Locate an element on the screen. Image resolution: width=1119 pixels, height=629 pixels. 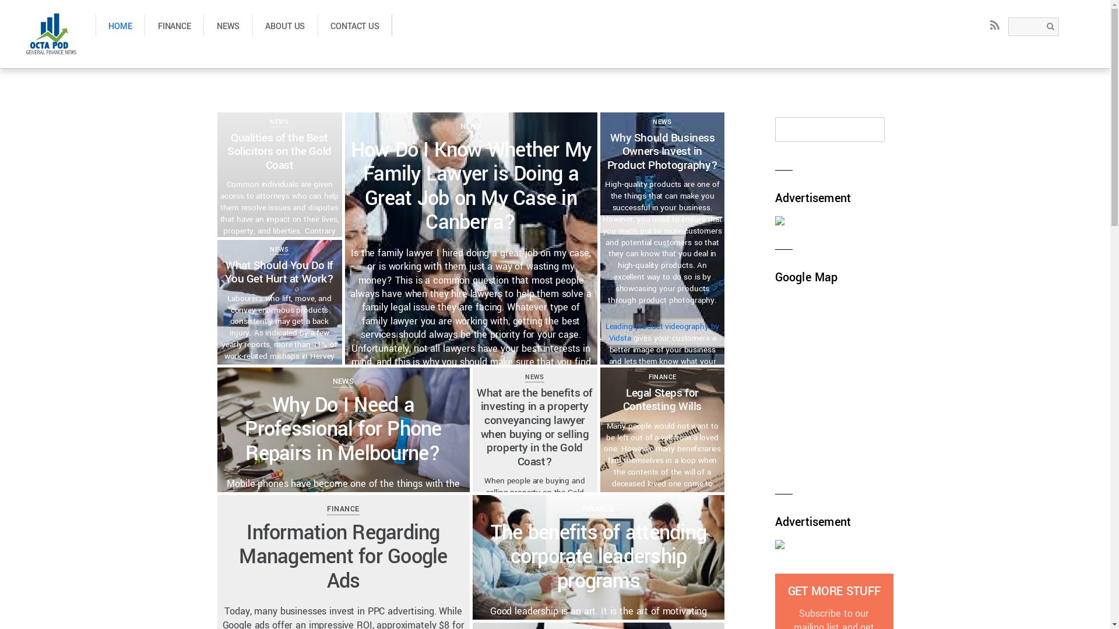
'Legal Steps for Contesting Wills' is located at coordinates (662, 399).